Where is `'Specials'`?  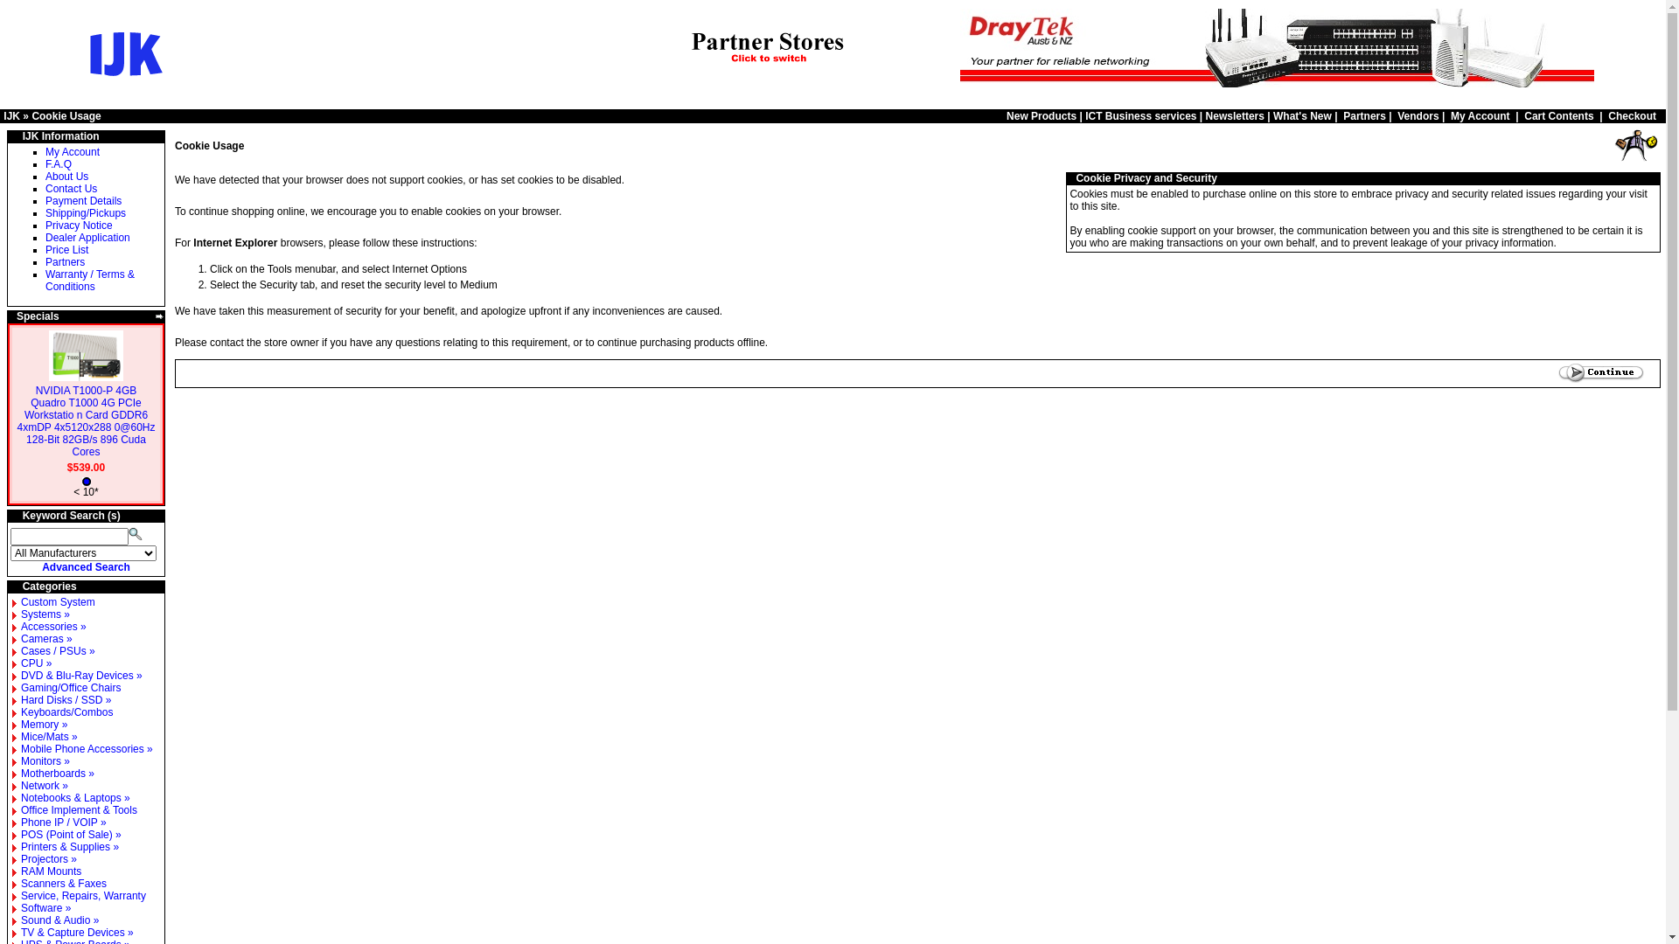
'Specials' is located at coordinates (38, 316).